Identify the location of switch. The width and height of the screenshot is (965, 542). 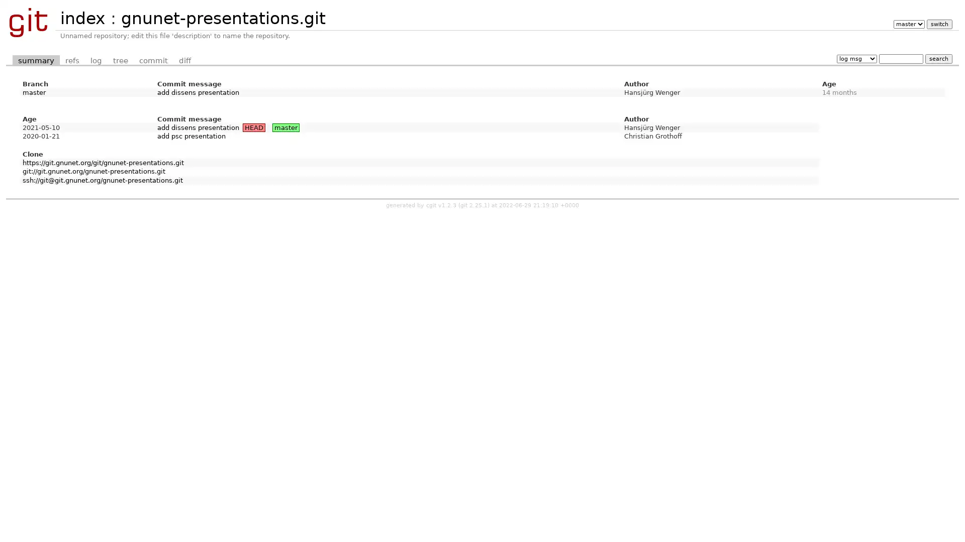
(938, 24).